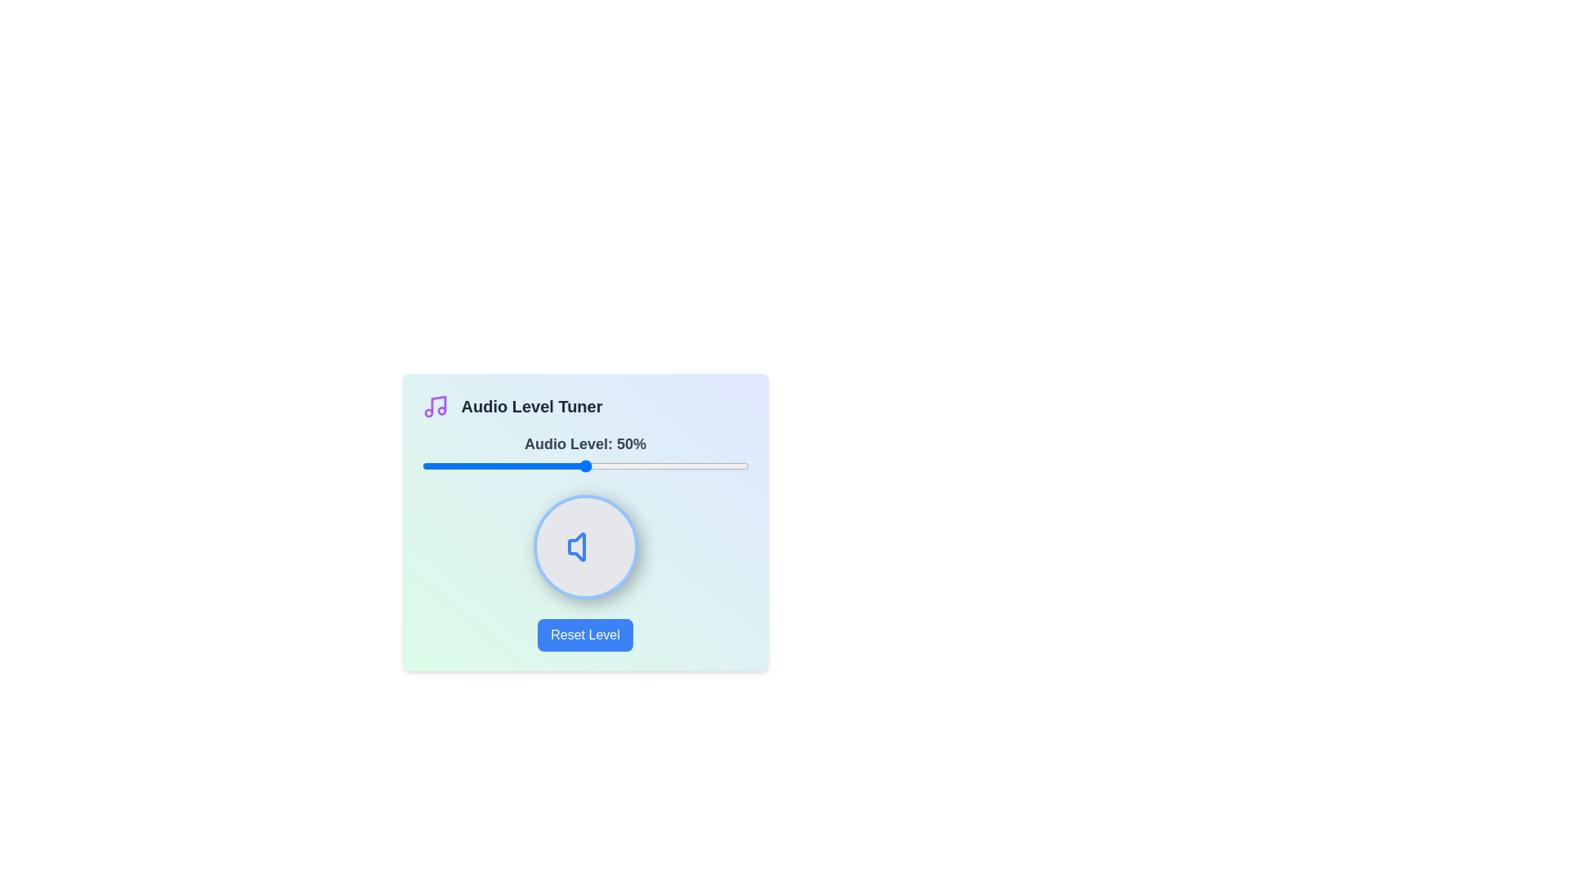 Image resolution: width=1569 pixels, height=882 pixels. What do you see at coordinates (591, 465) in the screenshot?
I see `the audio level to 52% by dragging the slider` at bounding box center [591, 465].